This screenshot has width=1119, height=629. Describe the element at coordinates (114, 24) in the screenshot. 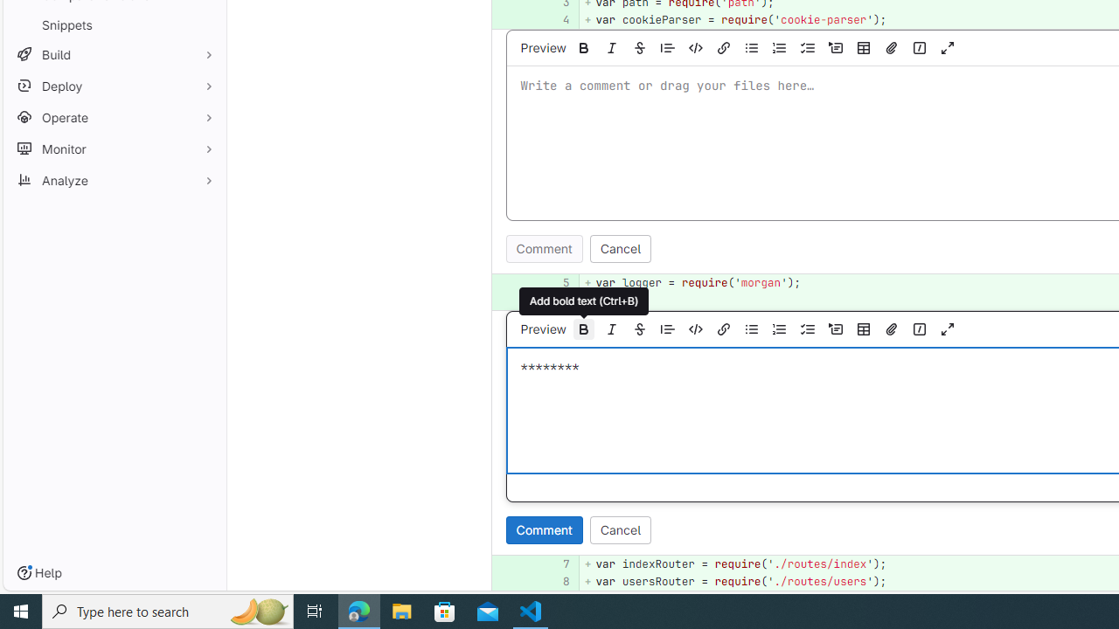

I see `'Snippets'` at that location.